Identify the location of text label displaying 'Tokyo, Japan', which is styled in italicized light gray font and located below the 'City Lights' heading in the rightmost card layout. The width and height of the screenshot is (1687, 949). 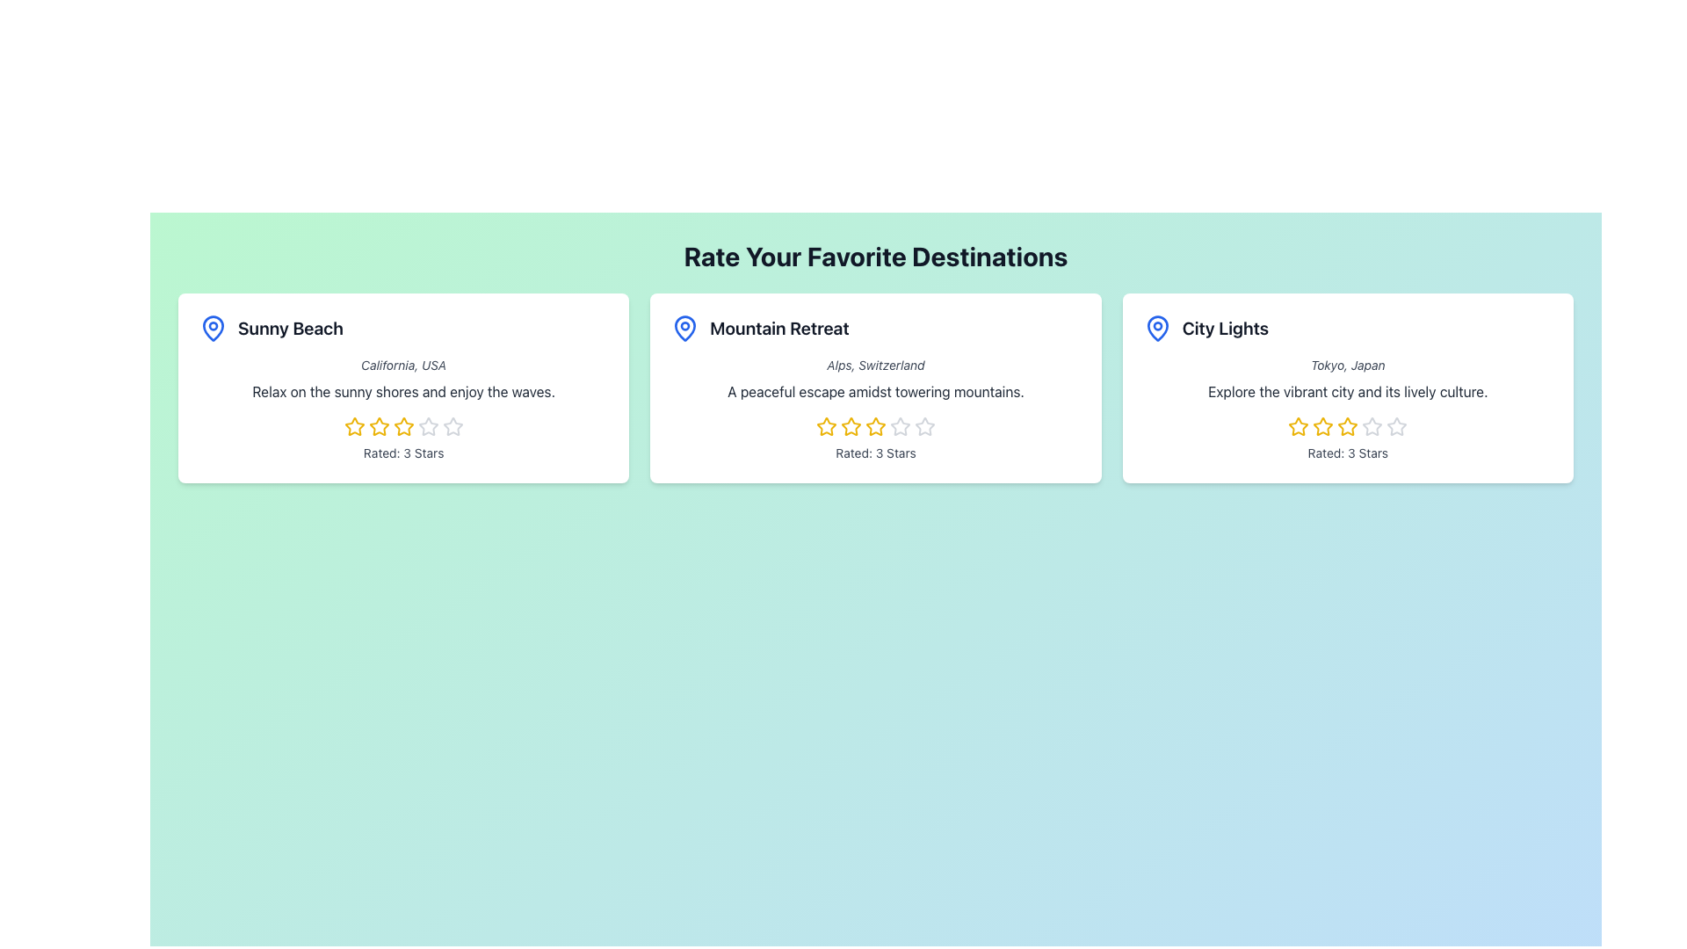
(1347, 365).